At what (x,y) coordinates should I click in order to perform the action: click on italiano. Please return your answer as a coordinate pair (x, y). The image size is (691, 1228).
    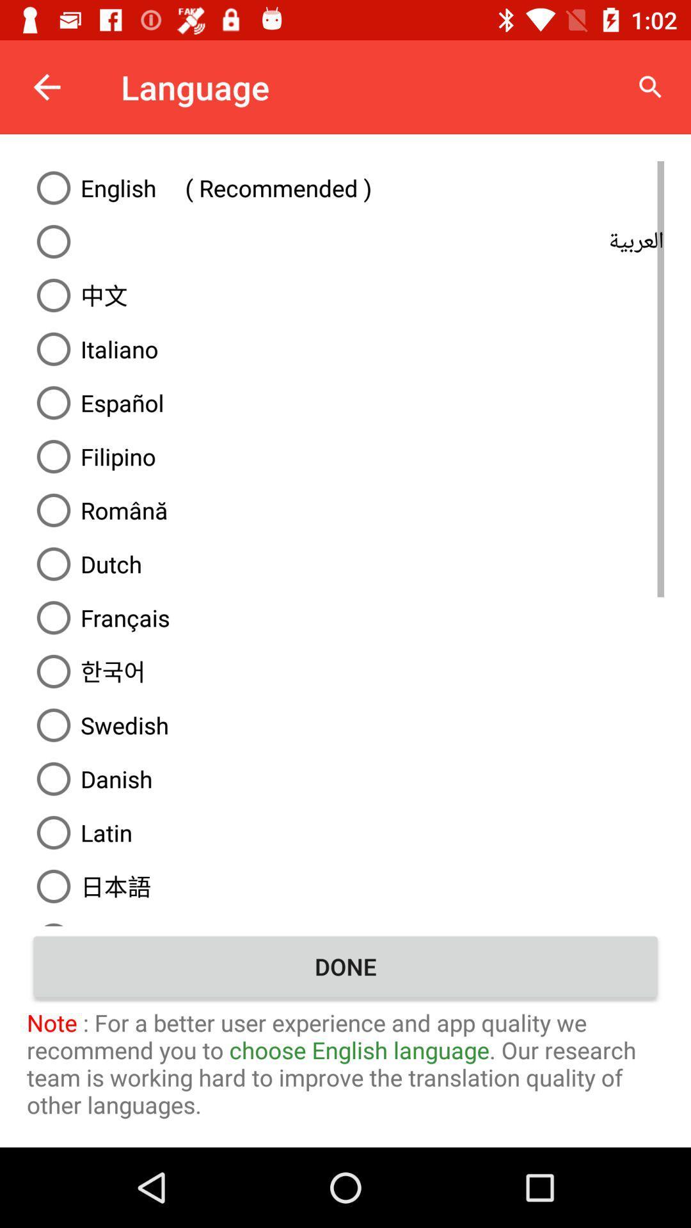
    Looking at the image, I should click on (345, 349).